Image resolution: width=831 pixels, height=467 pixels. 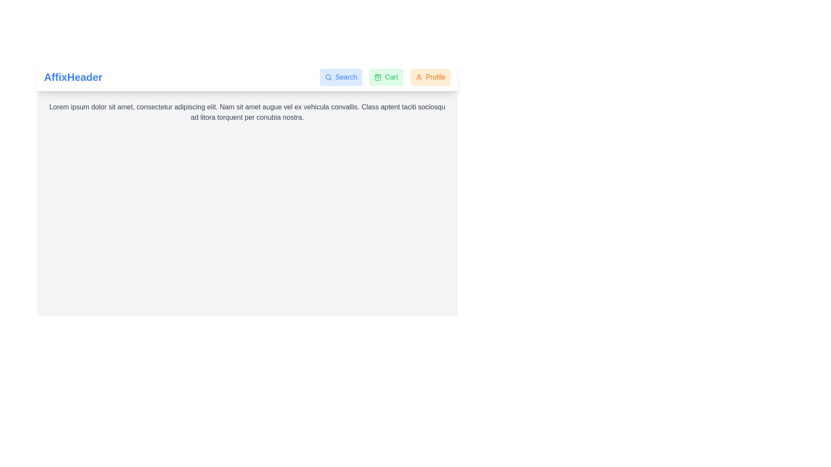 I want to click on the Cart button located in the sticky top navigation bar, positioned between the blue 'Search' button and the orange 'Profile' button, to observe the hover effect, so click(x=384, y=77).